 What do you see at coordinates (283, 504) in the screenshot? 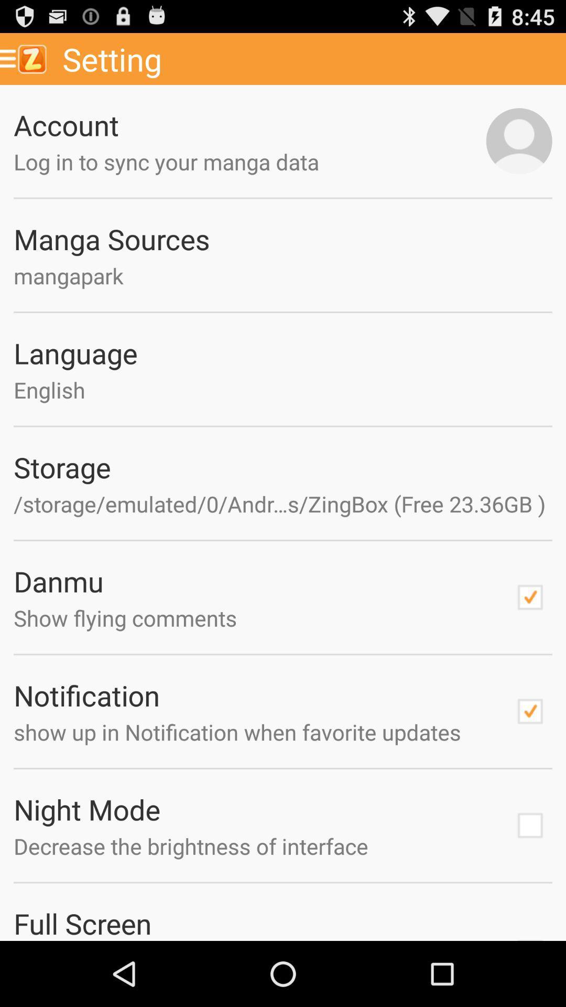
I see `the app below the storage` at bounding box center [283, 504].